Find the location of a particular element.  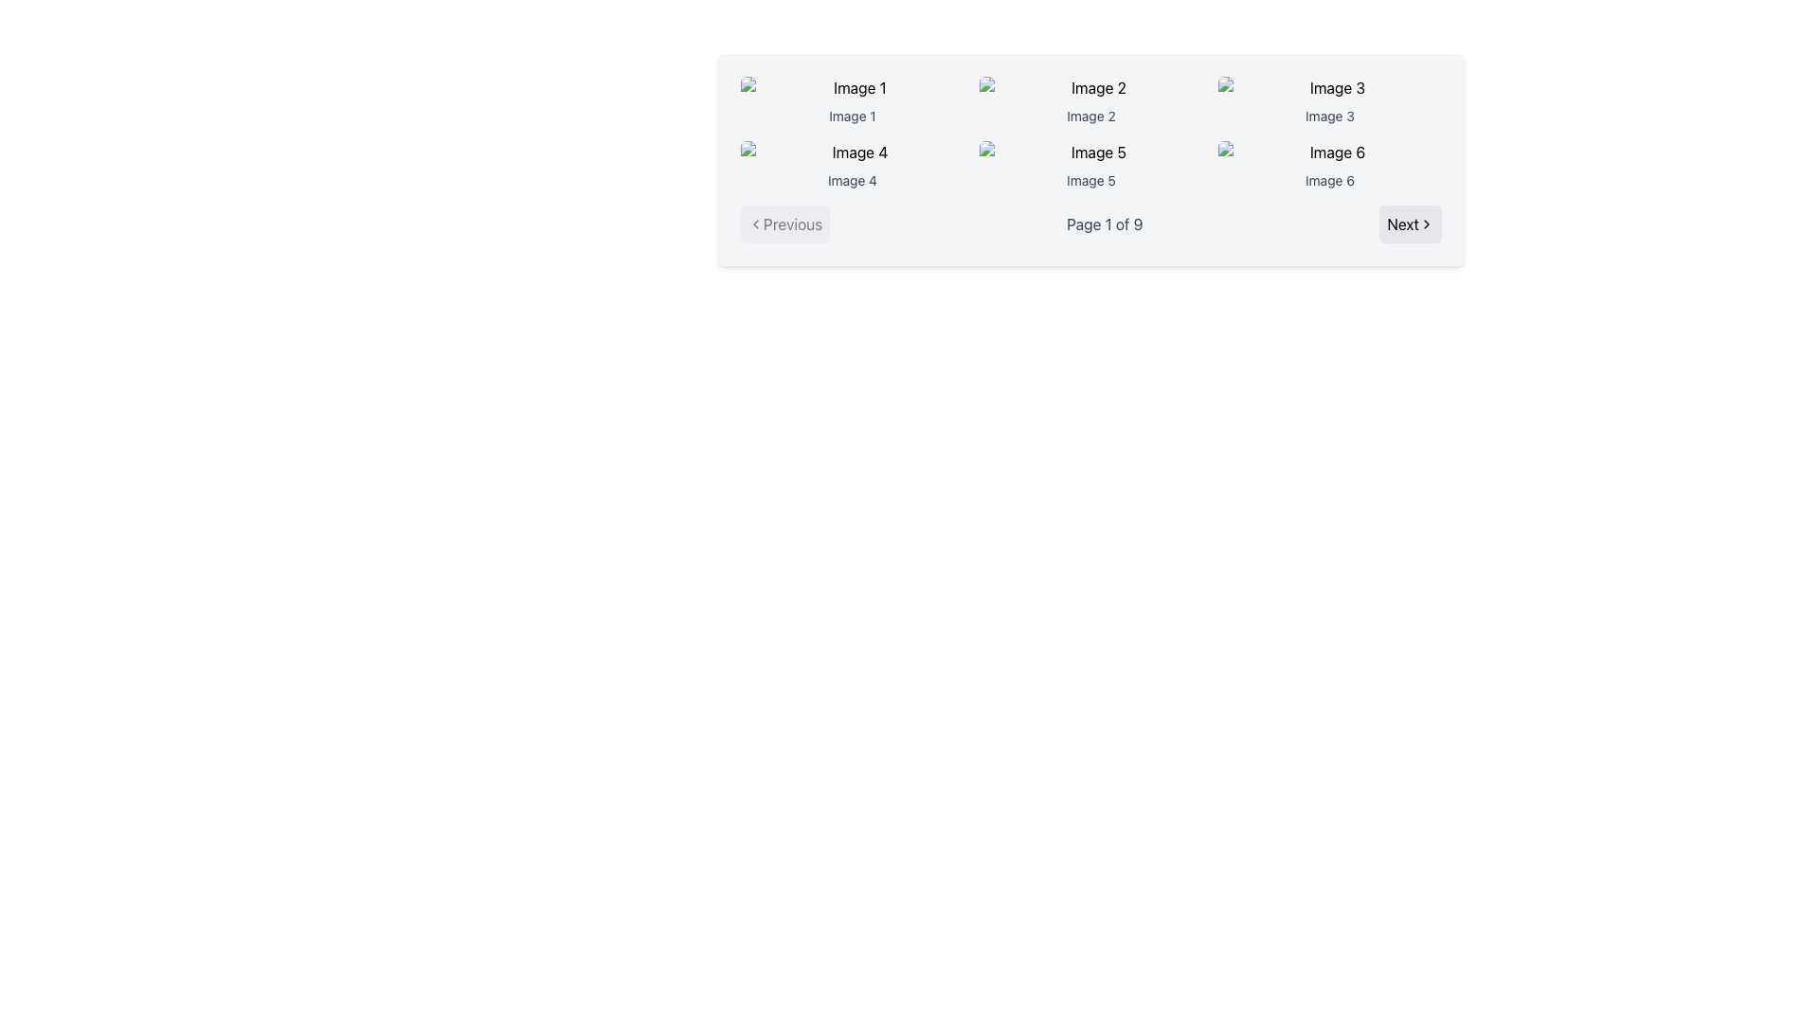

the image placeholder with a light gray background and a generic image icon, located above the caption 'Image 1' is located at coordinates (852, 87).